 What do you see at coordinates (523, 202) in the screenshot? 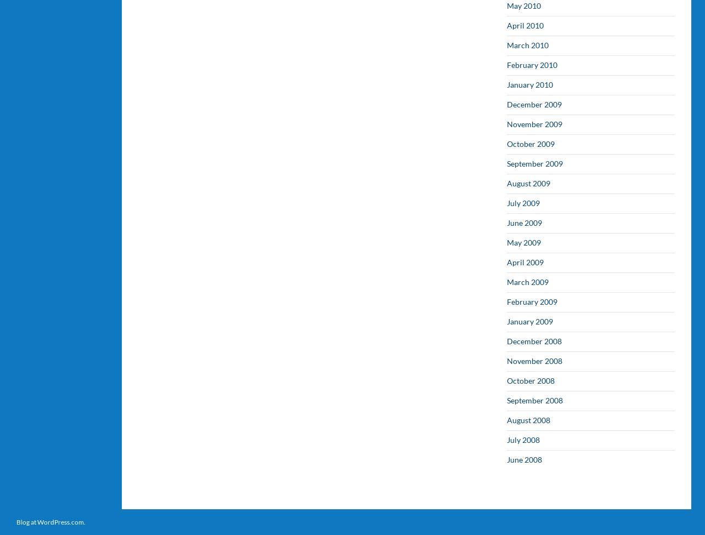
I see `'July 2009'` at bounding box center [523, 202].